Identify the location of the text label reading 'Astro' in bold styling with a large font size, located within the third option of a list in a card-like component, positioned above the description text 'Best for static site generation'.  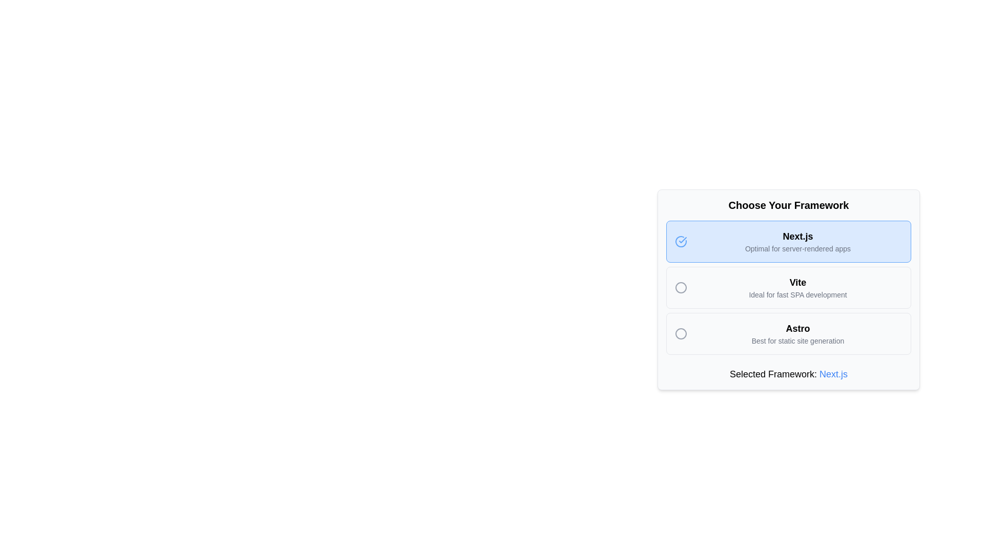
(797, 328).